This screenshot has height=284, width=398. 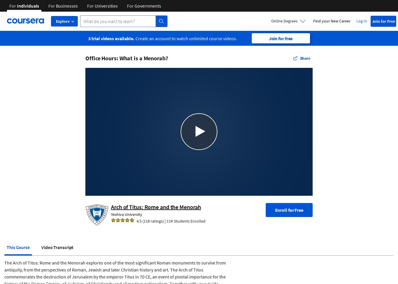 I want to click on 'Enroll for Free', so click(x=289, y=209).